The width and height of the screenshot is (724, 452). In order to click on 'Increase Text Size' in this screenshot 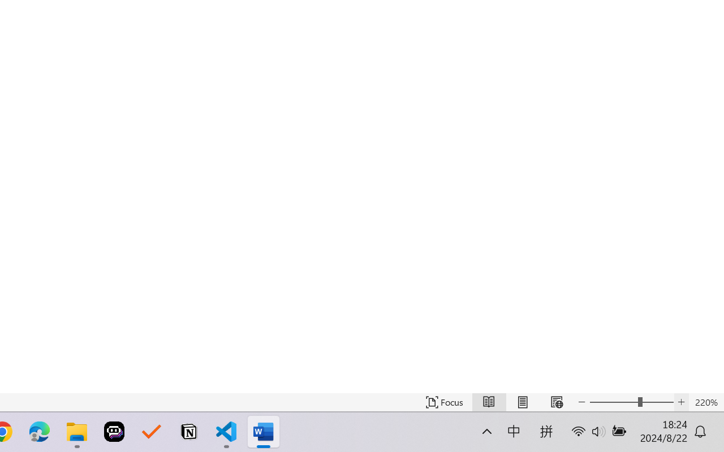, I will do `click(681, 402)`.